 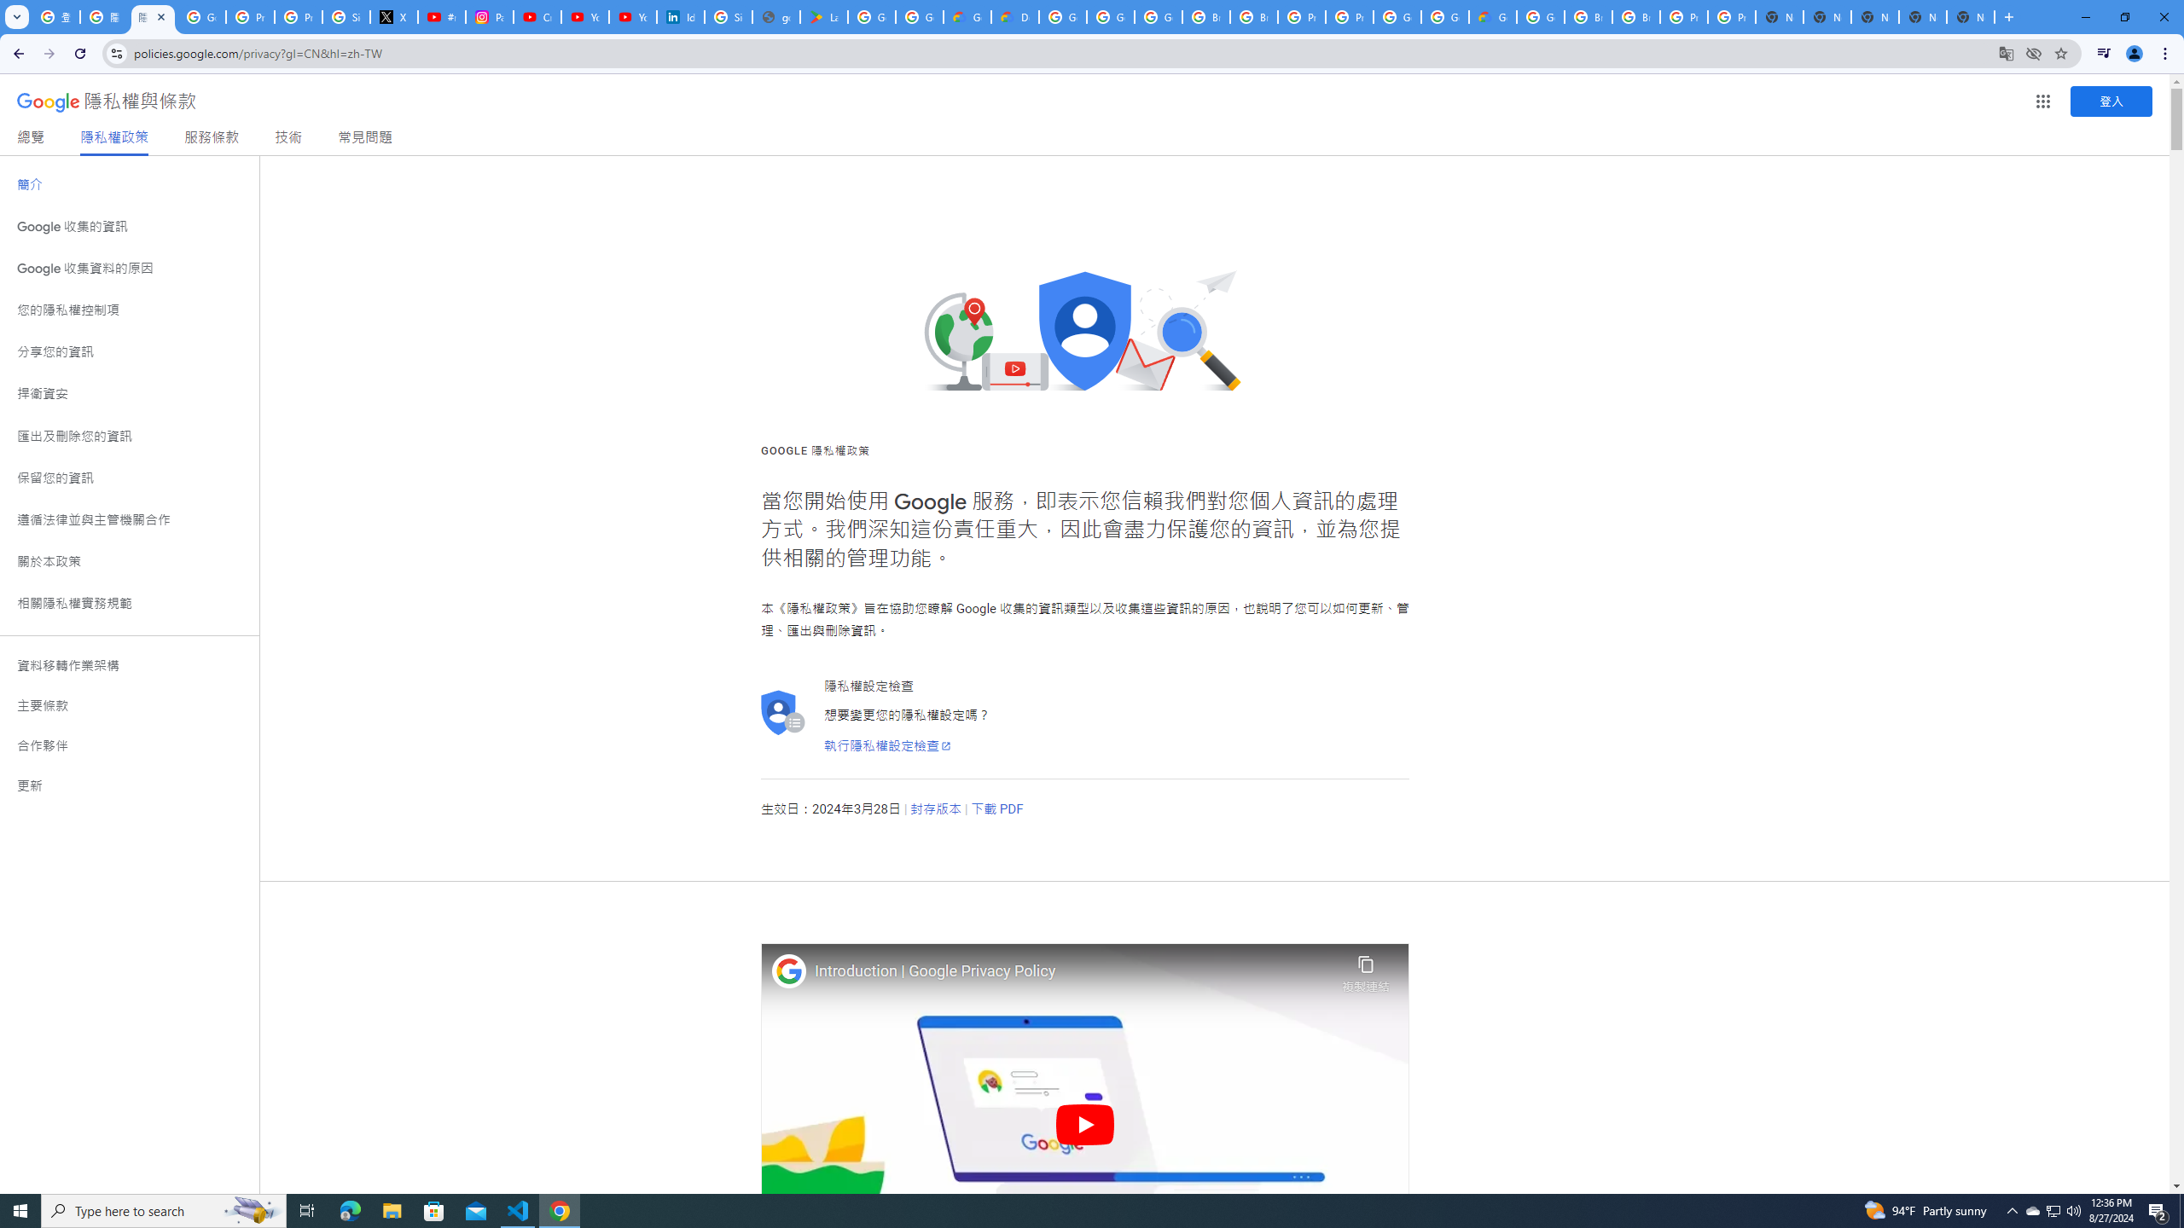 I want to click on 'Translate this page', so click(x=2006, y=52).